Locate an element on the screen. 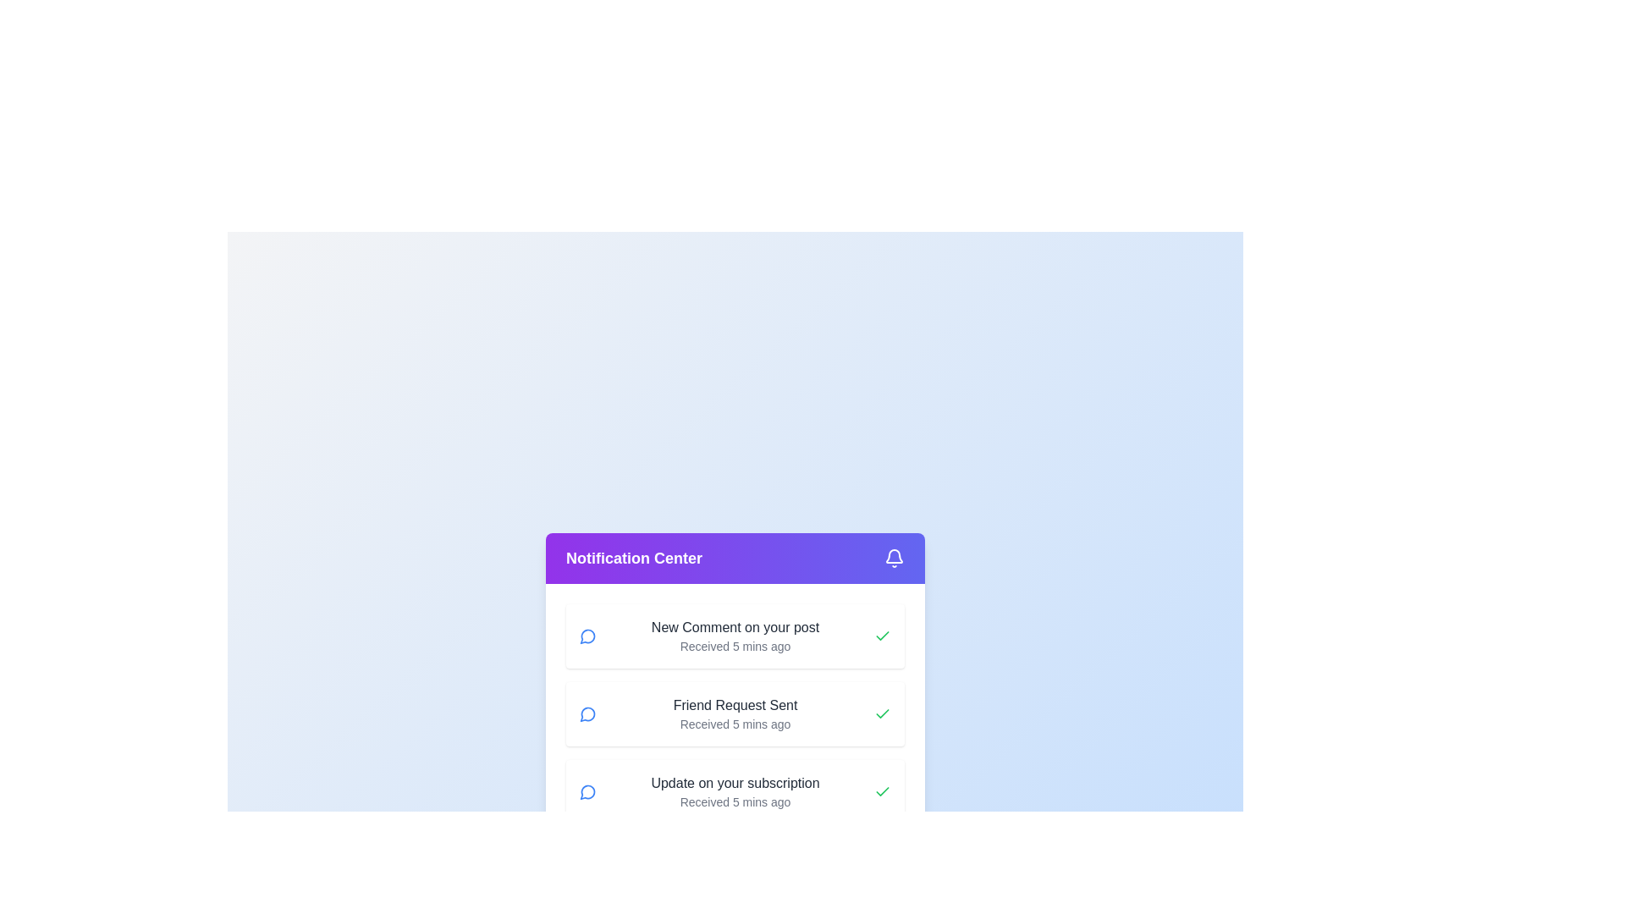 This screenshot has width=1625, height=914. the third notification card in the Notification Center is located at coordinates (735, 792).